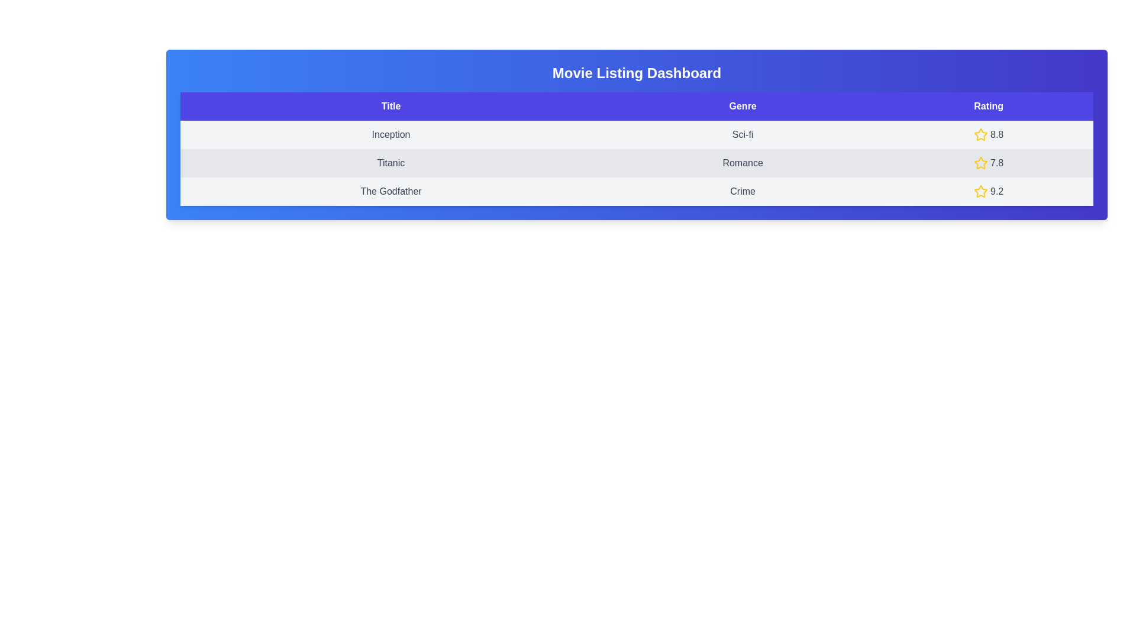 This screenshot has height=639, width=1136. What do you see at coordinates (989, 134) in the screenshot?
I see `rating value displayed as '8.8' next to the yellow star icon in the Rating column of the Inception row in the movie listing table` at bounding box center [989, 134].